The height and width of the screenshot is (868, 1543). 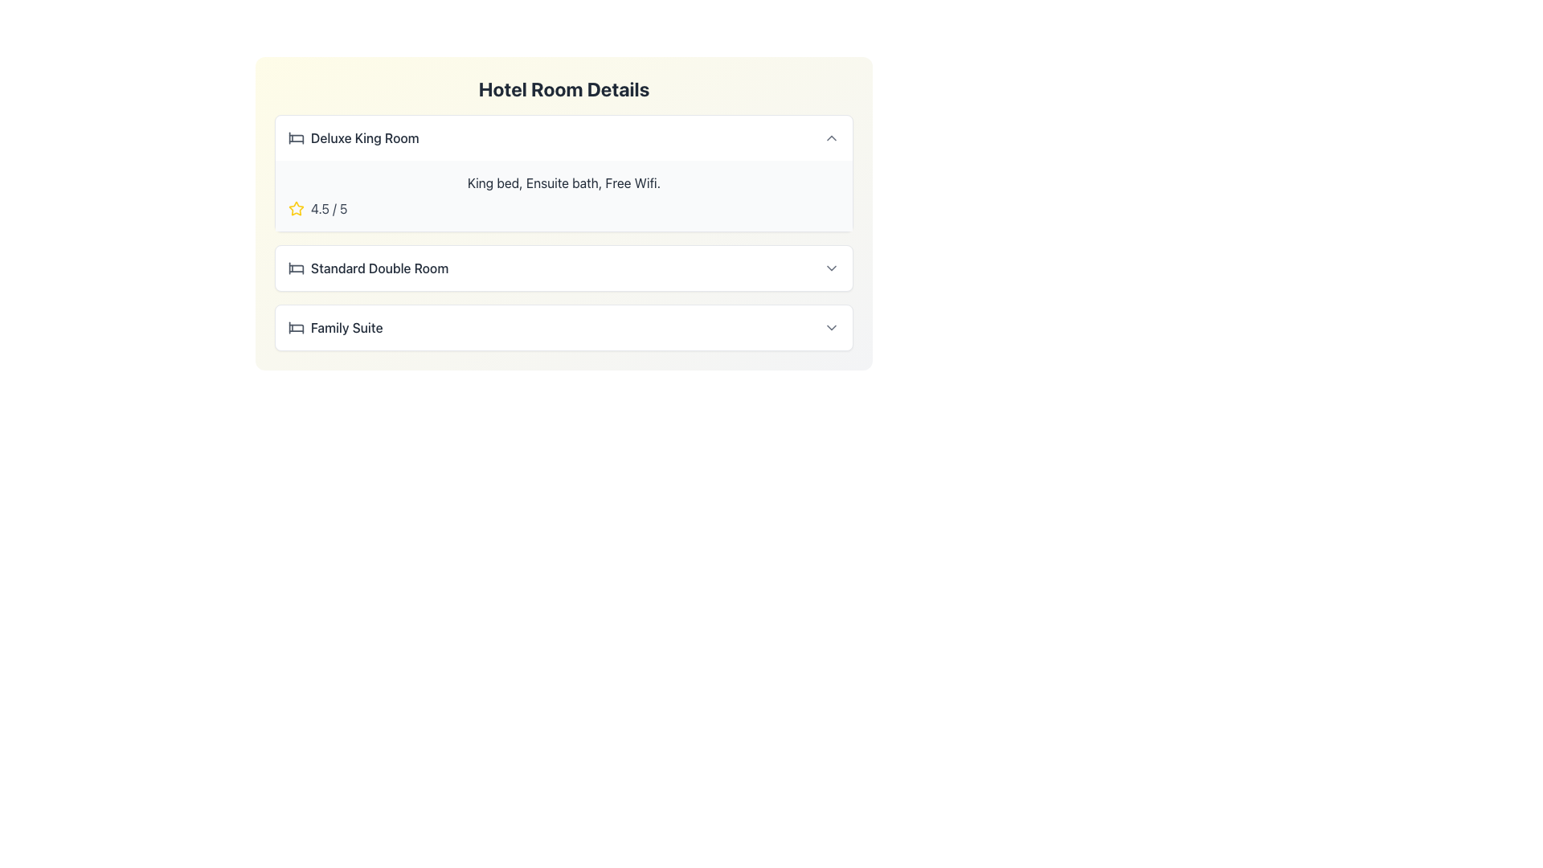 I want to click on the bed icon, which is gray and simplistic, located to the left of the text 'Deluxe King Room', so click(x=297, y=137).